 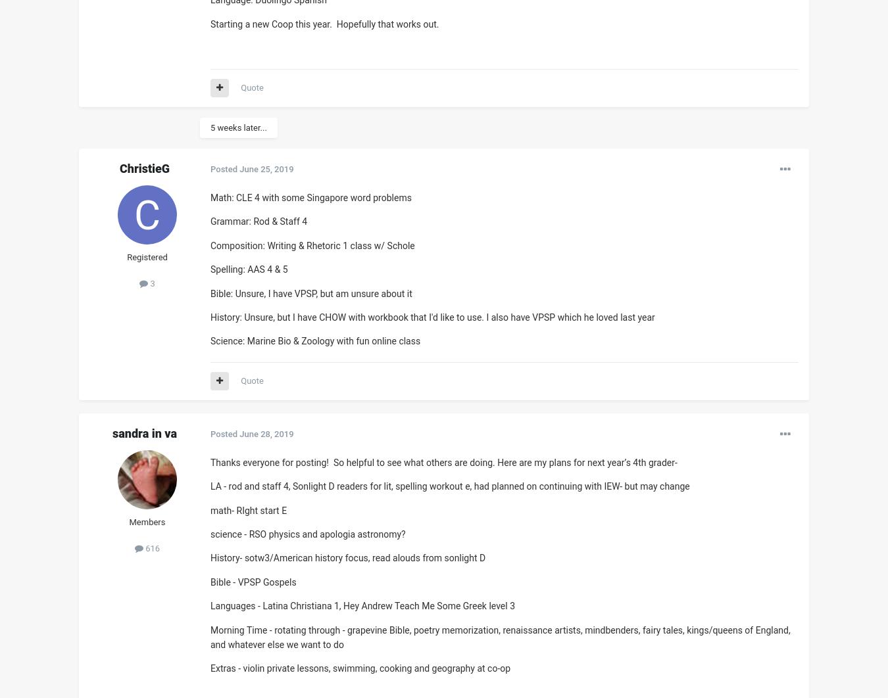 I want to click on 'Extras - violin private lessons, swimming, cooking and geography at co-op', so click(x=359, y=667).